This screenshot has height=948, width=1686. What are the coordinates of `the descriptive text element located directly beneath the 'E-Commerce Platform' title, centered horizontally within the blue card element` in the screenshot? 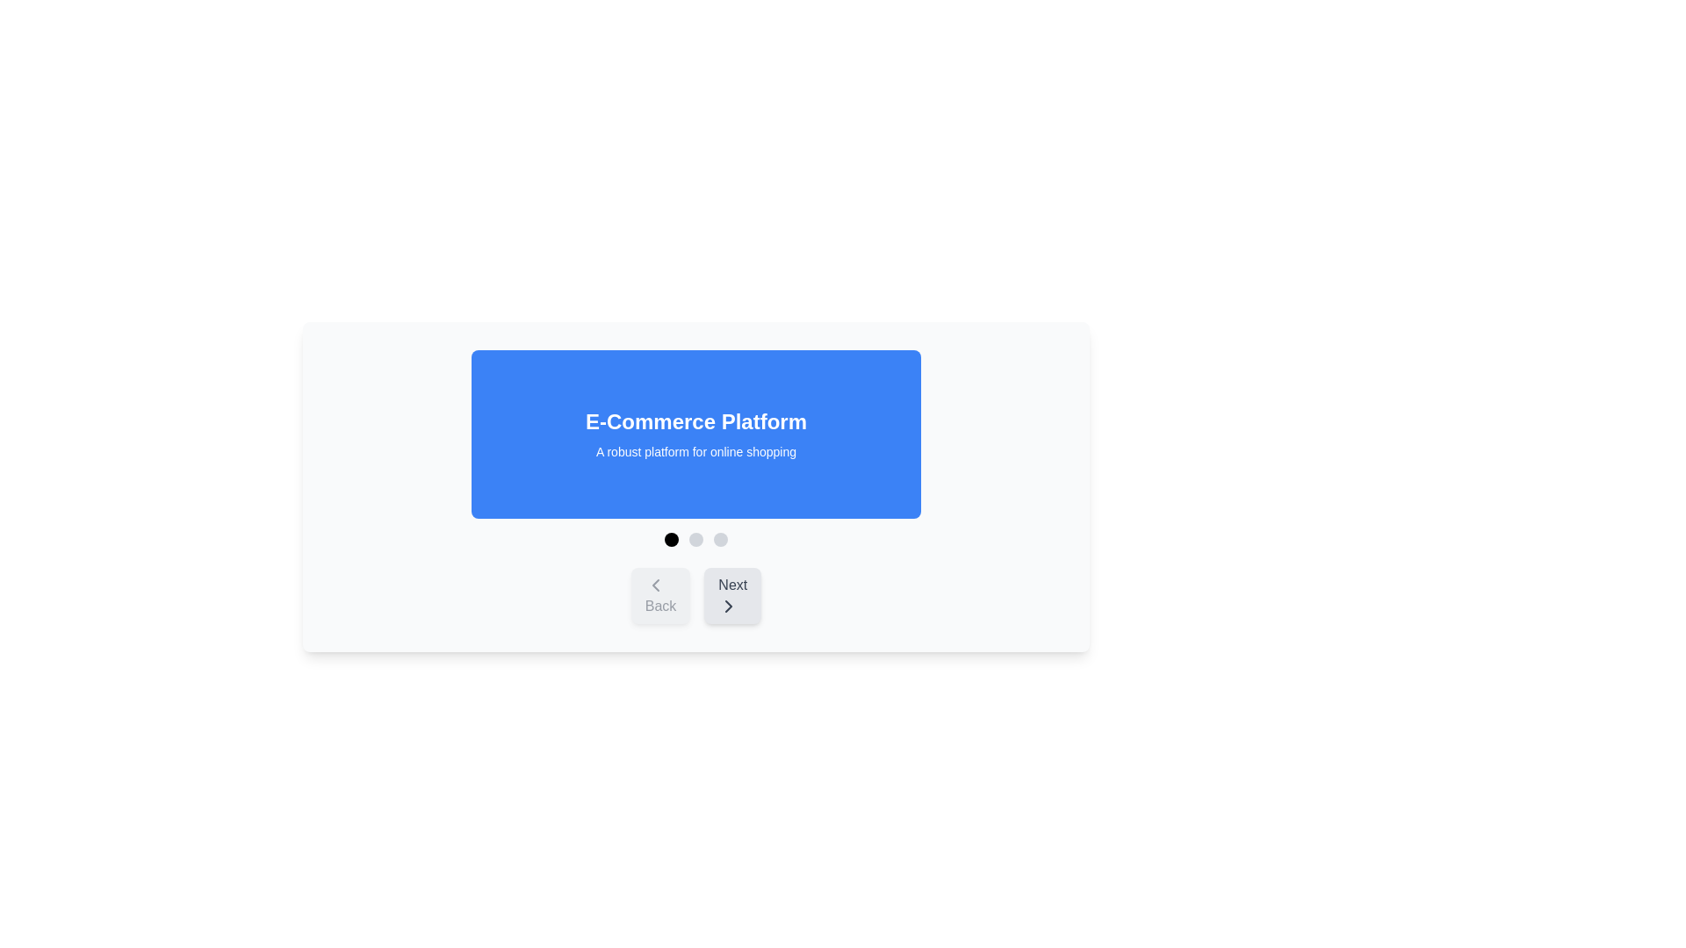 It's located at (695, 451).